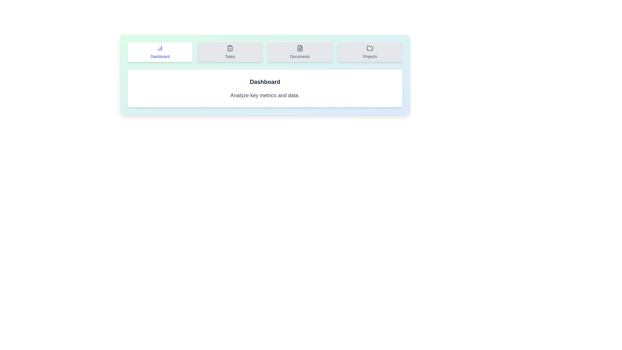 The image size is (622, 350). What do you see at coordinates (370, 52) in the screenshot?
I see `the tab labeled Projects` at bounding box center [370, 52].